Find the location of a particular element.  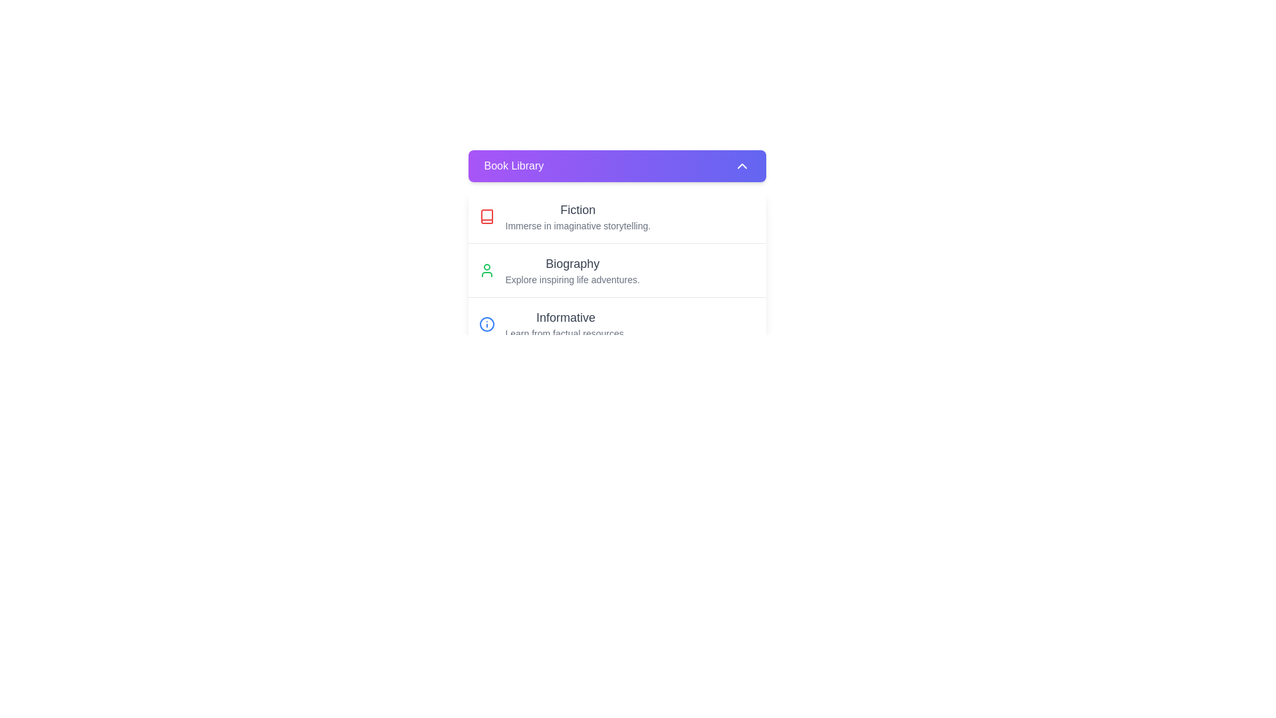

the small red closed book icon located beside the 'Fiction' label in the 'Book Library' section is located at coordinates (486, 216).